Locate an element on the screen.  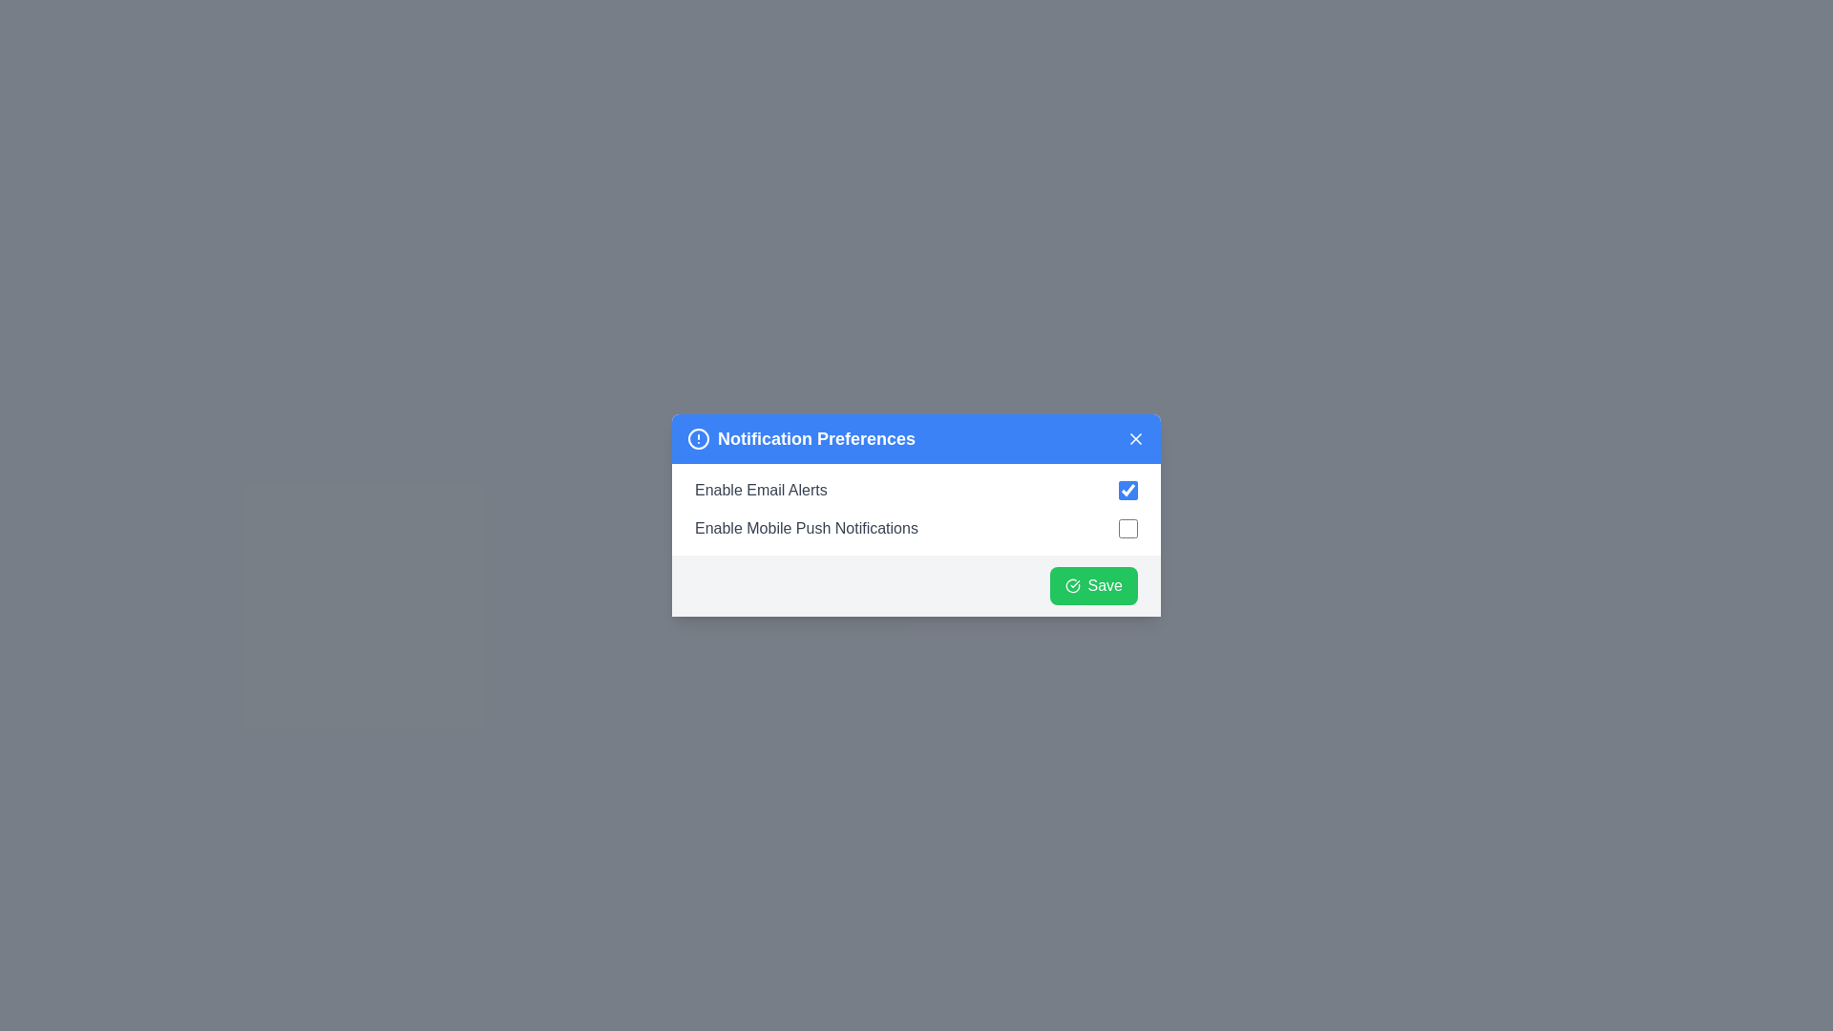
the text label that reads 'Enable Mobile Push Notifications', which is styled in gray and displayed in a sans-serif font, located in the 'Notification Preferences' dialog box is located at coordinates (806, 529).